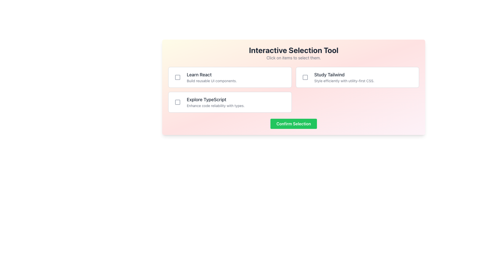 The width and height of the screenshot is (488, 274). I want to click on the gray square-shaped checkbox icon located to the left of the 'Learn React' label to trigger a tooltip or visual effect, so click(178, 77).